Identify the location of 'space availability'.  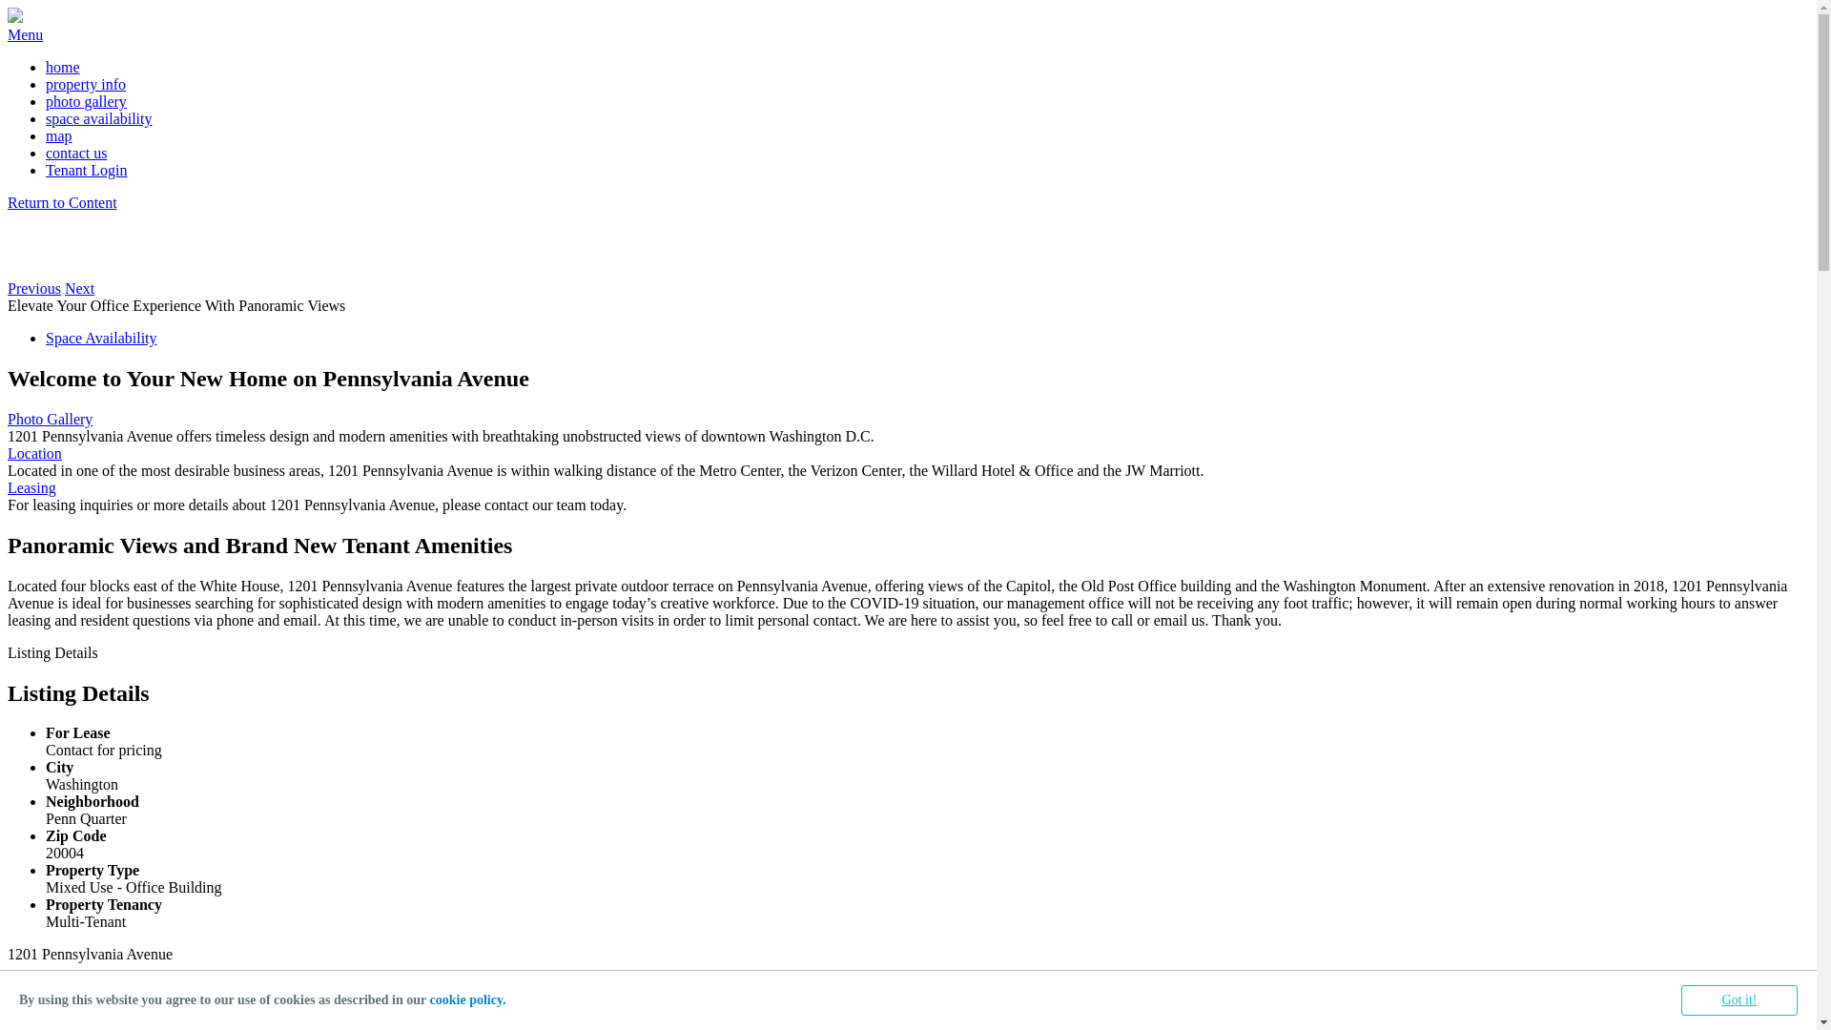
(46, 118).